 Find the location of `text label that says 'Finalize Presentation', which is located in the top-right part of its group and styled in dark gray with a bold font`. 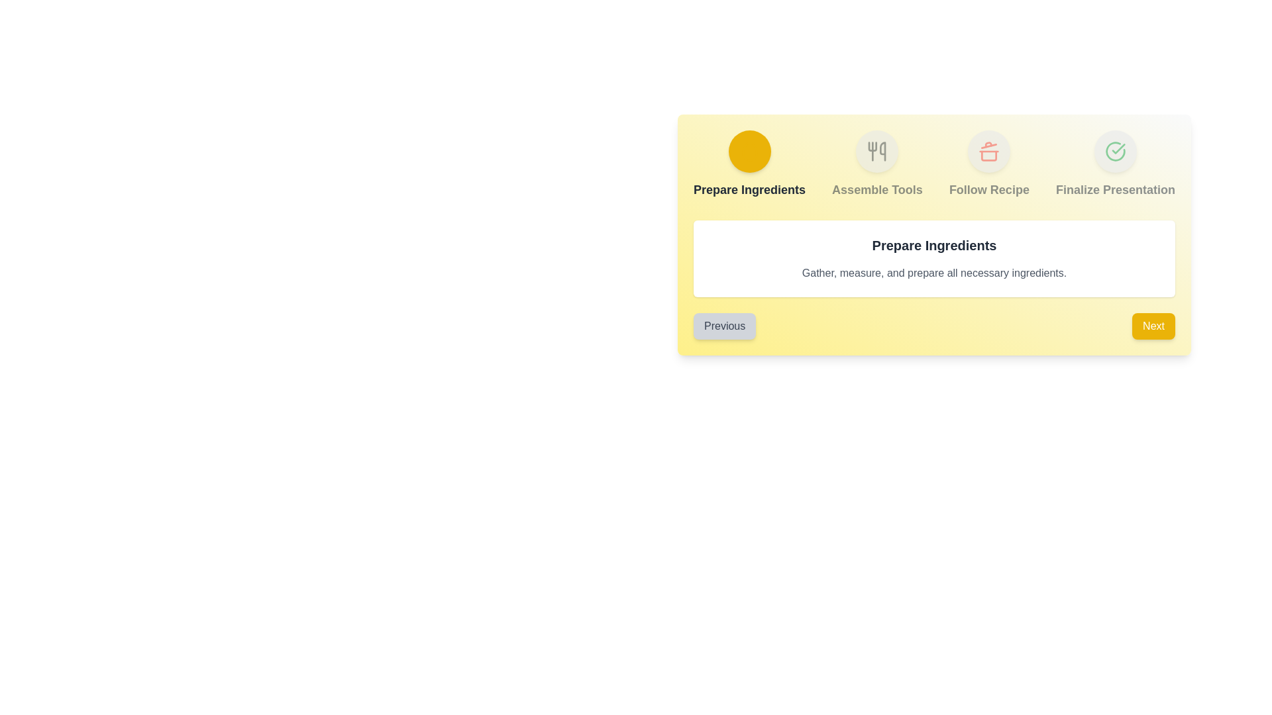

text label that says 'Finalize Presentation', which is located in the top-right part of its group and styled in dark gray with a bold font is located at coordinates (1115, 189).